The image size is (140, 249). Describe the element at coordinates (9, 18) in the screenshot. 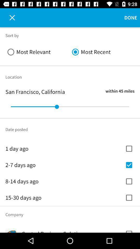

I see `item next to filter` at that location.